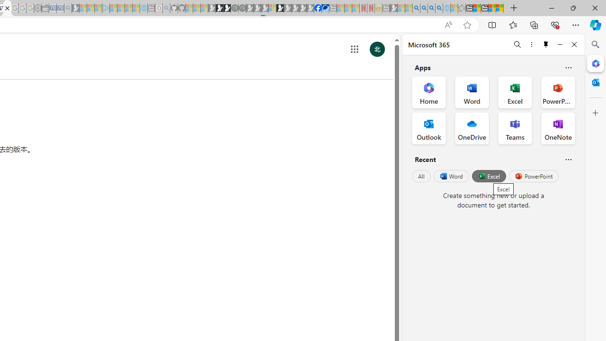 The width and height of the screenshot is (606, 341). I want to click on 'Favorites - Sleeping', so click(462, 8).